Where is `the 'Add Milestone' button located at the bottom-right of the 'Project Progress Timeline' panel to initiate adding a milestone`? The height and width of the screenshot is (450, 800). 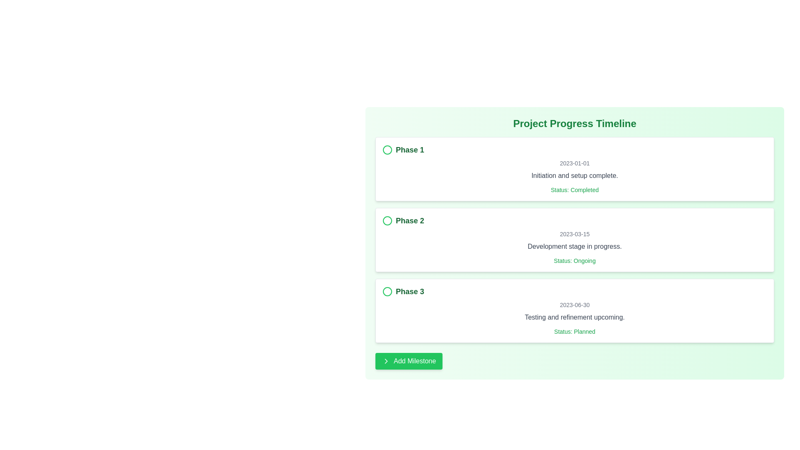 the 'Add Milestone' button located at the bottom-right of the 'Project Progress Timeline' panel to initiate adding a milestone is located at coordinates (409, 361).